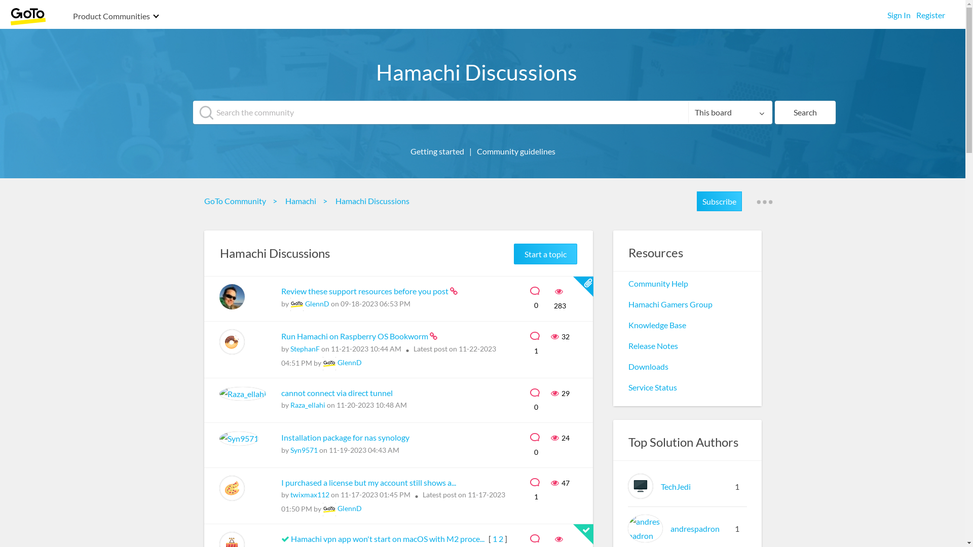  Describe the element at coordinates (304, 348) in the screenshot. I see `'StephanF'` at that location.